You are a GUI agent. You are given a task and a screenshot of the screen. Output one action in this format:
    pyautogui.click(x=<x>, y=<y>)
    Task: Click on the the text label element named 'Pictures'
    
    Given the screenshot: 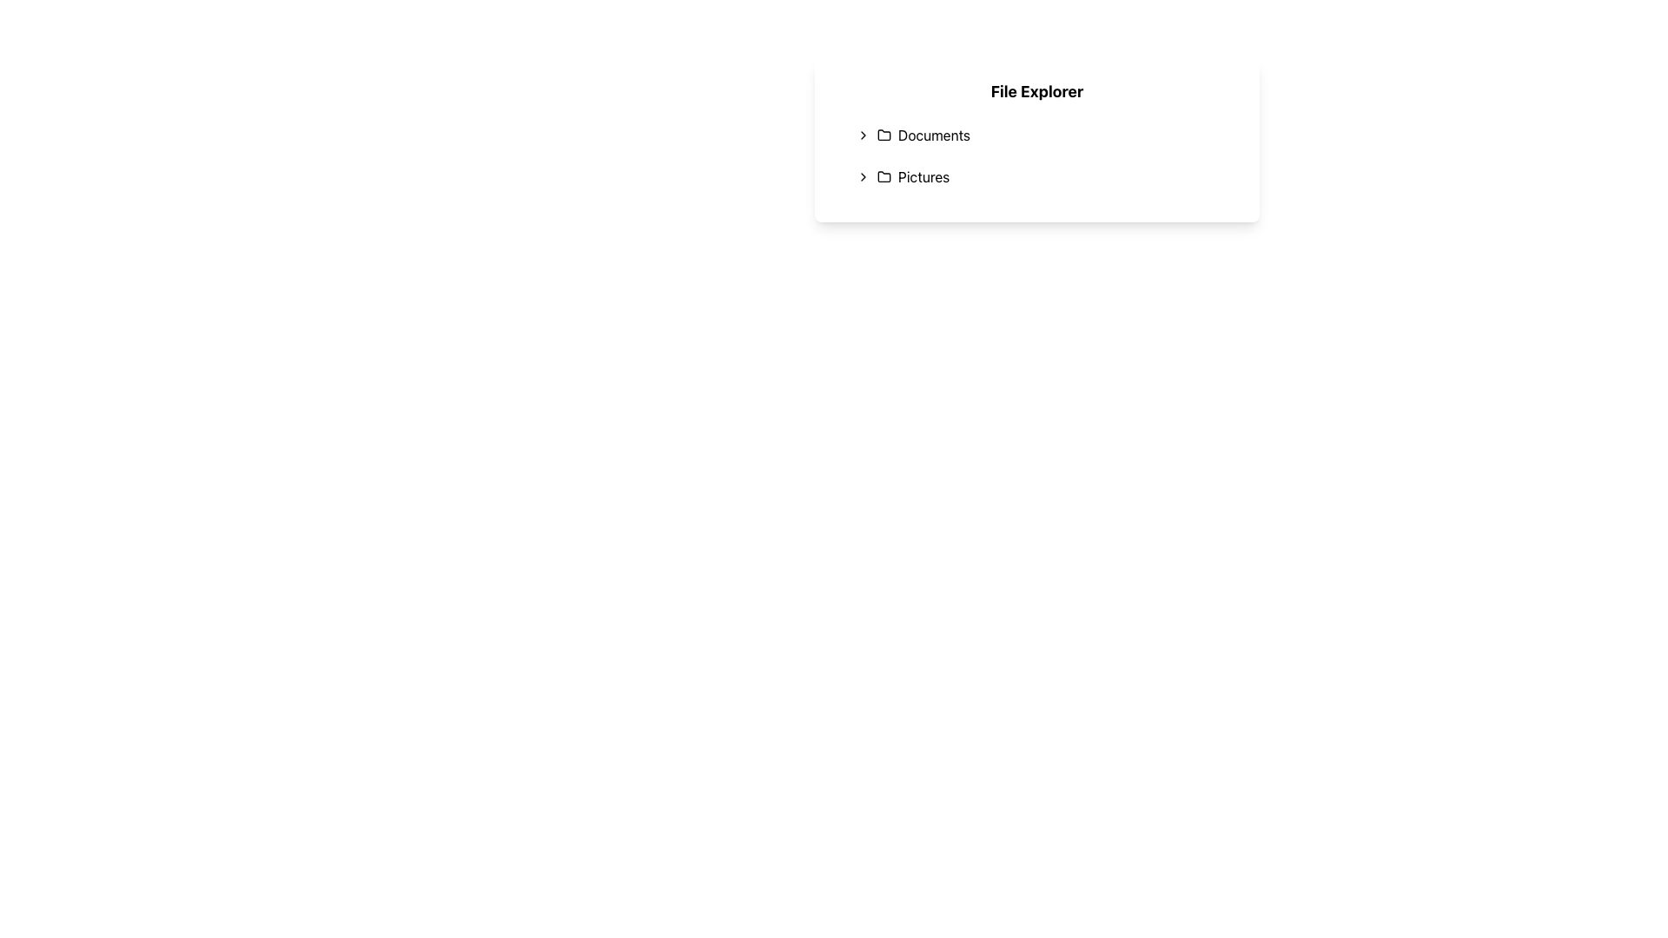 What is the action you would take?
    pyautogui.click(x=923, y=177)
    